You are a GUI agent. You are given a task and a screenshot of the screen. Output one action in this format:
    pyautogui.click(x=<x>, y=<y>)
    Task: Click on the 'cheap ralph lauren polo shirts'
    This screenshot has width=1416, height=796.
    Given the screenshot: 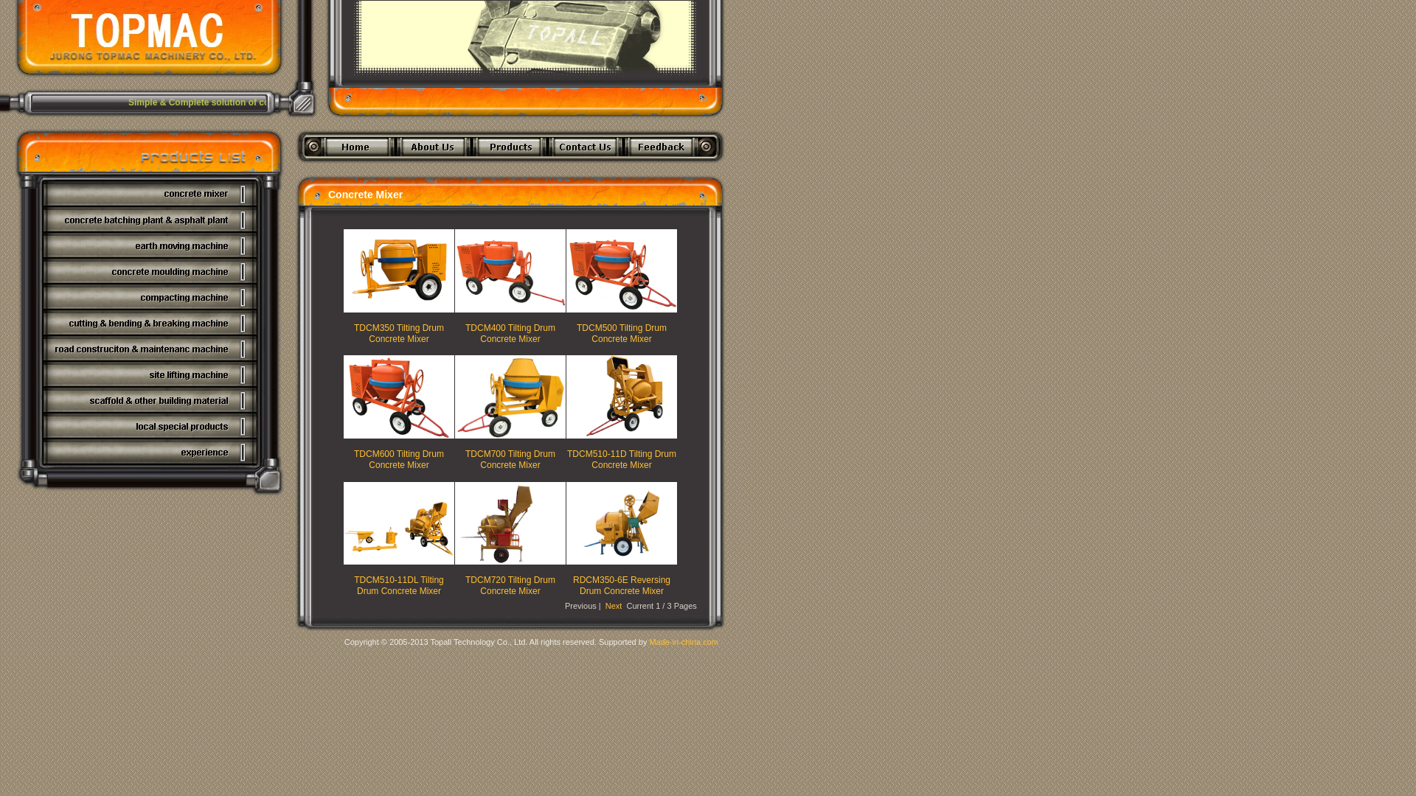 What is the action you would take?
    pyautogui.click(x=875, y=170)
    